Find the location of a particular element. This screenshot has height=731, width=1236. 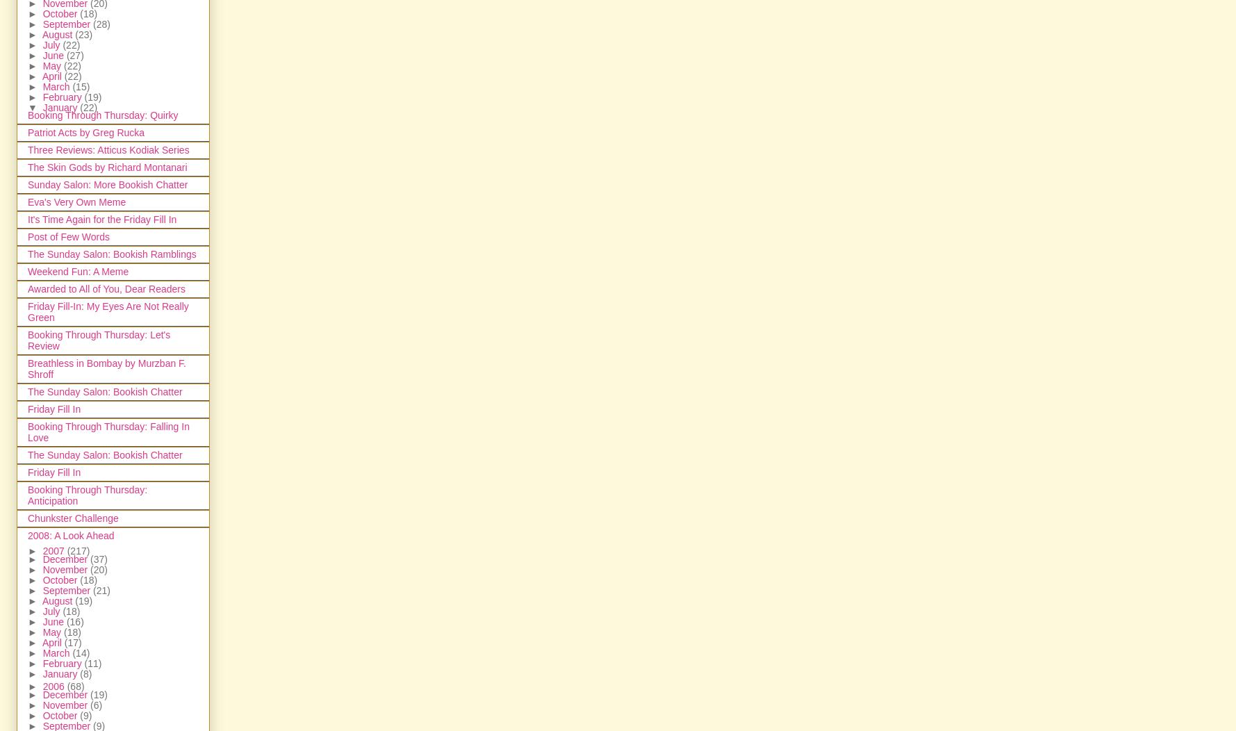

'Post of Few Words' is located at coordinates (67, 236).